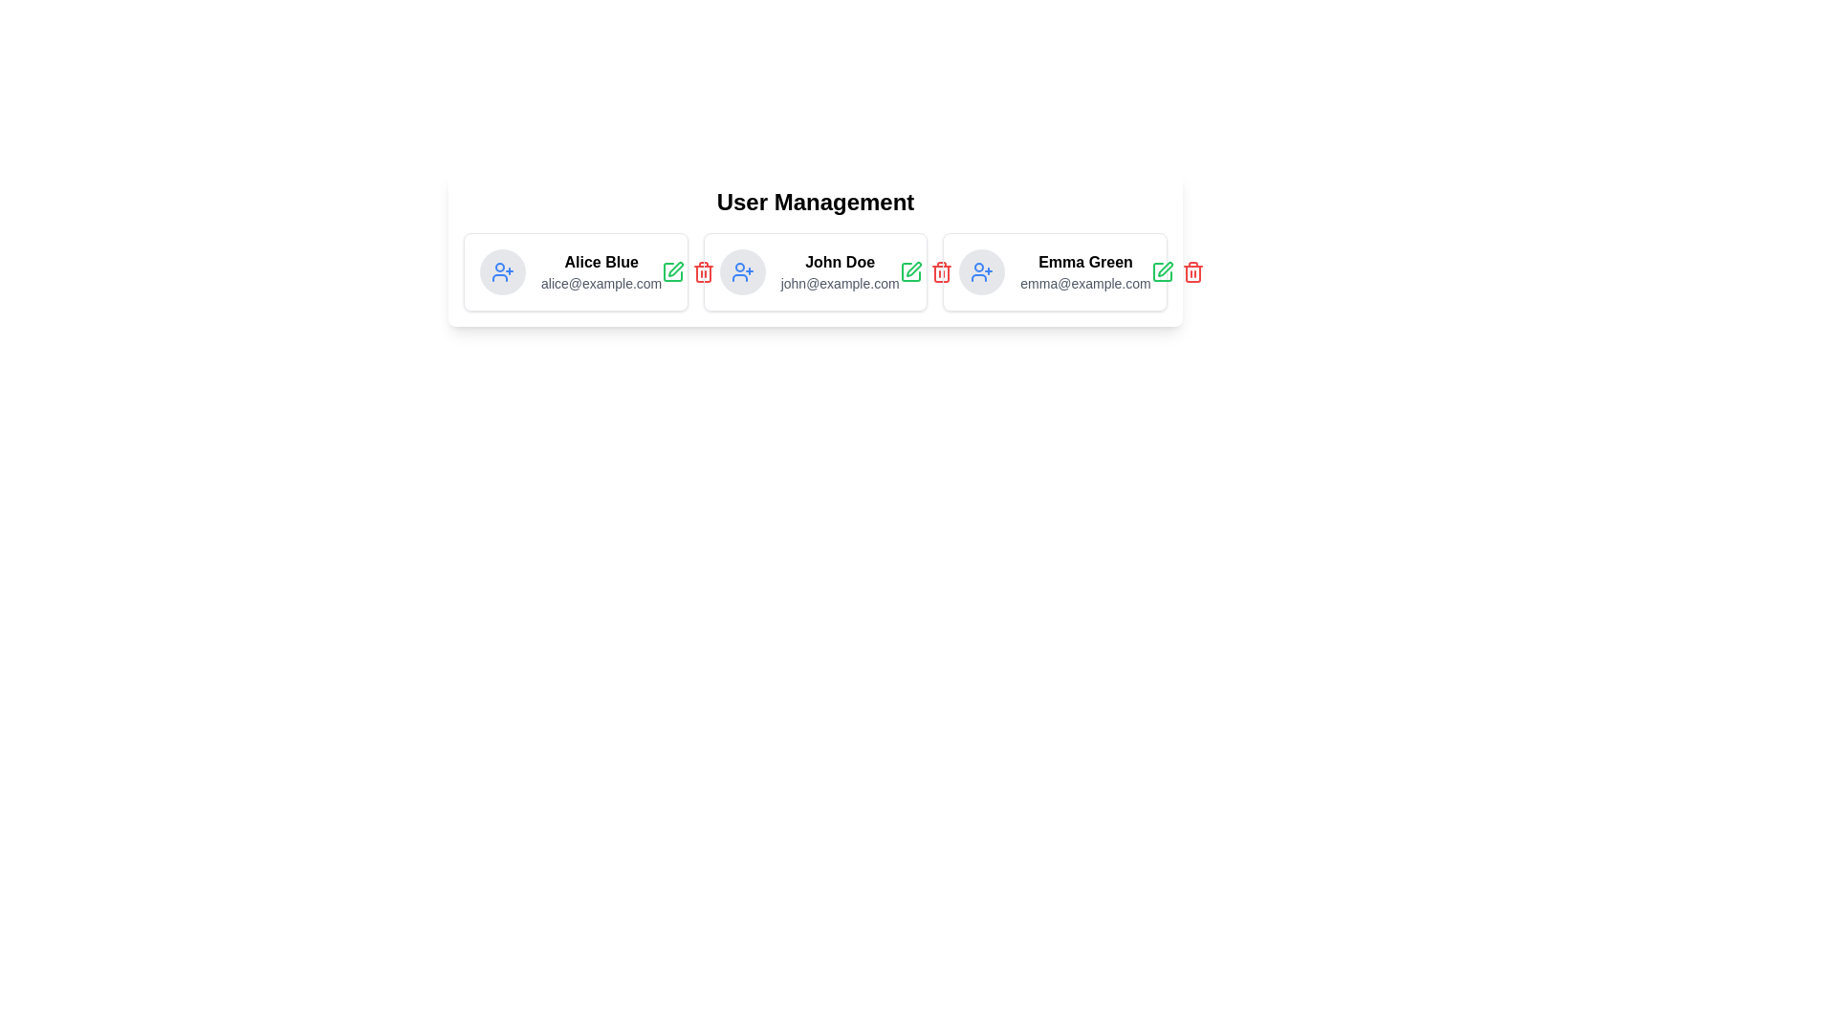 The height and width of the screenshot is (1032, 1836). I want to click on the green edit (pen) icon located next to 'emma@example.com' under the 'User Management' section, so click(1161, 272).